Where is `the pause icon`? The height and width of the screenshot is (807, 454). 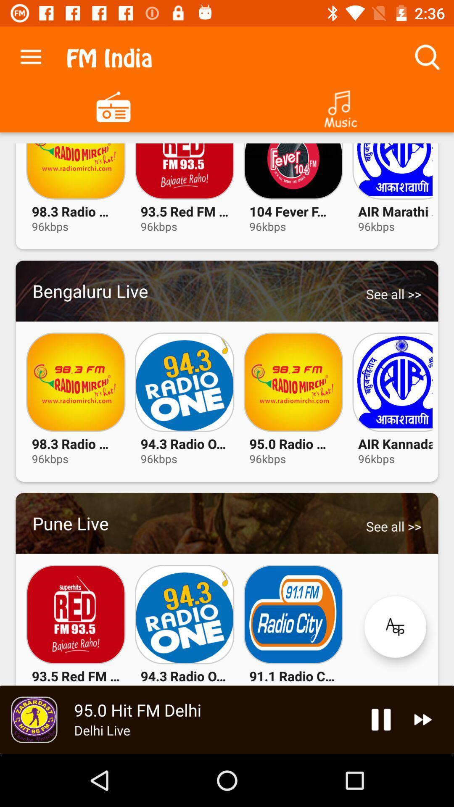 the pause icon is located at coordinates (381, 719).